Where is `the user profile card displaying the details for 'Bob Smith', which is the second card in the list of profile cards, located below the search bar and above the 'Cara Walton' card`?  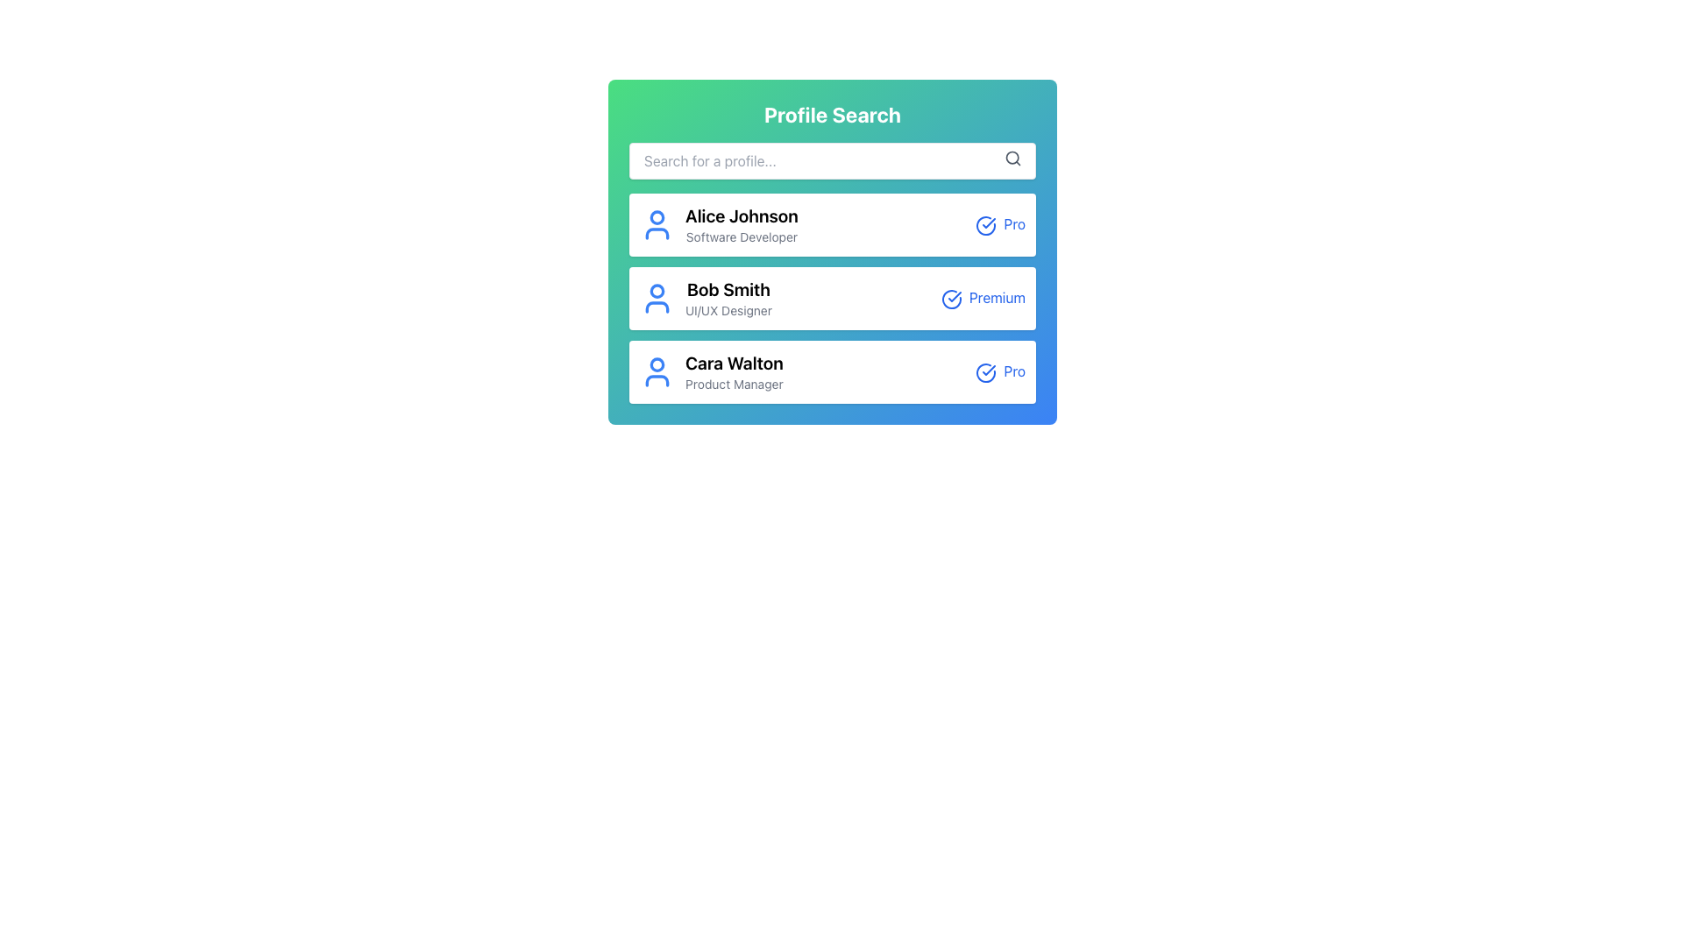
the user profile card displaying the details for 'Bob Smith', which is the second card in the list of profile cards, located below the search bar and above the 'Cara Walton' card is located at coordinates (832, 297).